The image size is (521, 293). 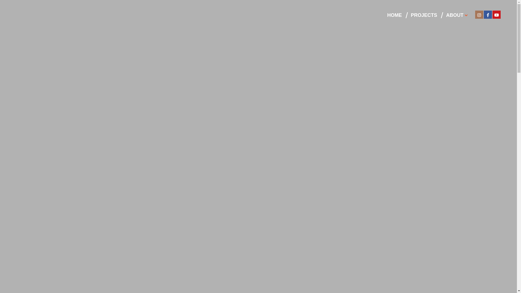 I want to click on 'Facebook', so click(x=484, y=14).